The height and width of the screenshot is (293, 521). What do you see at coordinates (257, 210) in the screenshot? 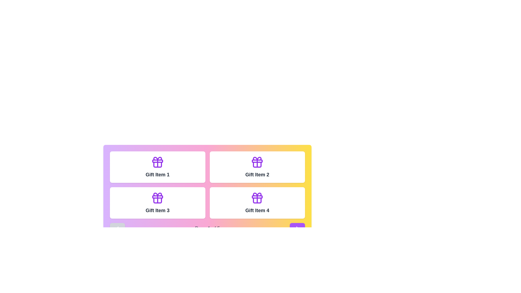
I see `the static text label that identifies the gift item in the bottom-right card of the grid layout` at bounding box center [257, 210].